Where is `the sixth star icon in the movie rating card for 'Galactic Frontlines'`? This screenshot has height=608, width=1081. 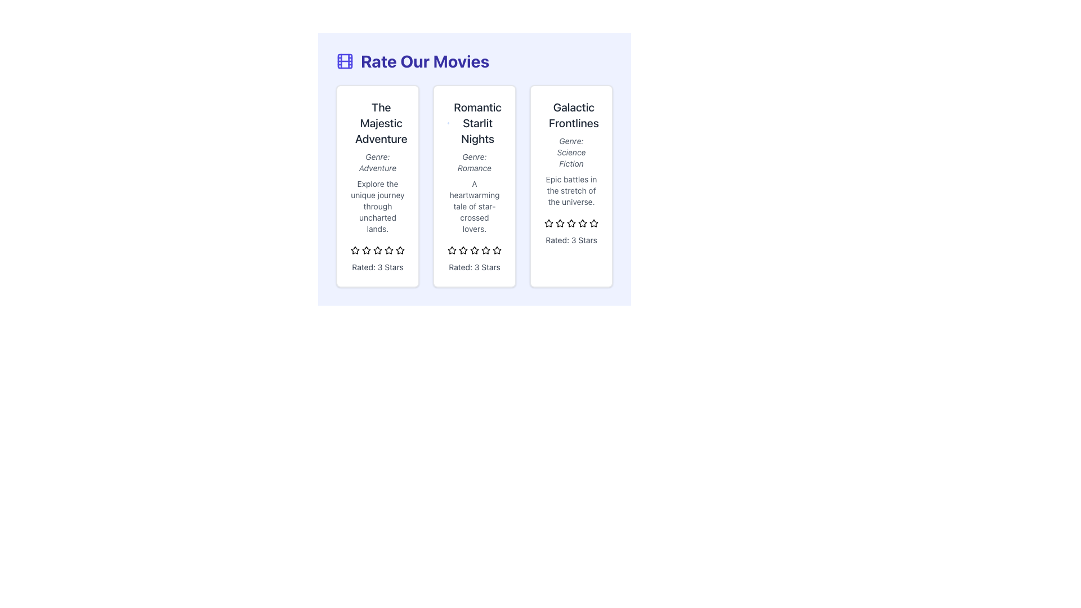 the sixth star icon in the movie rating card for 'Galactic Frontlines' is located at coordinates (593, 223).